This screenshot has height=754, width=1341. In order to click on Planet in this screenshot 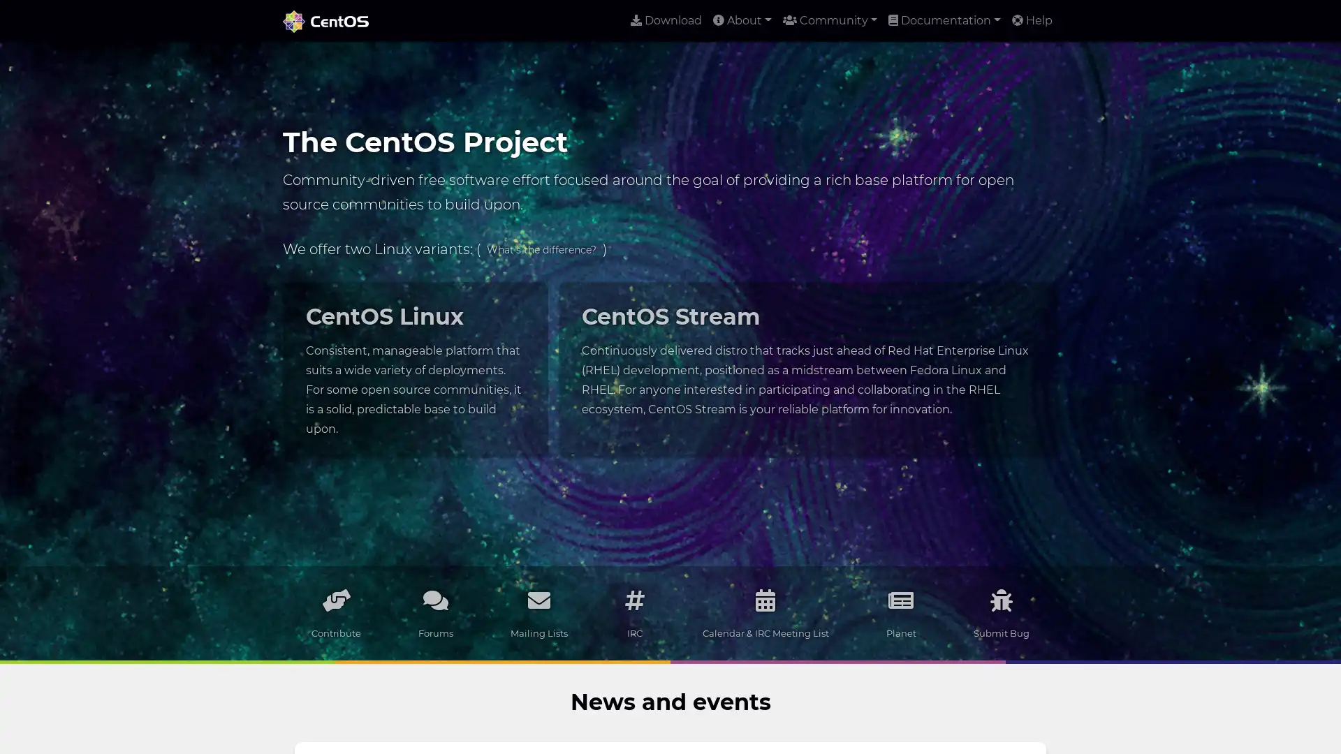, I will do `click(900, 612)`.